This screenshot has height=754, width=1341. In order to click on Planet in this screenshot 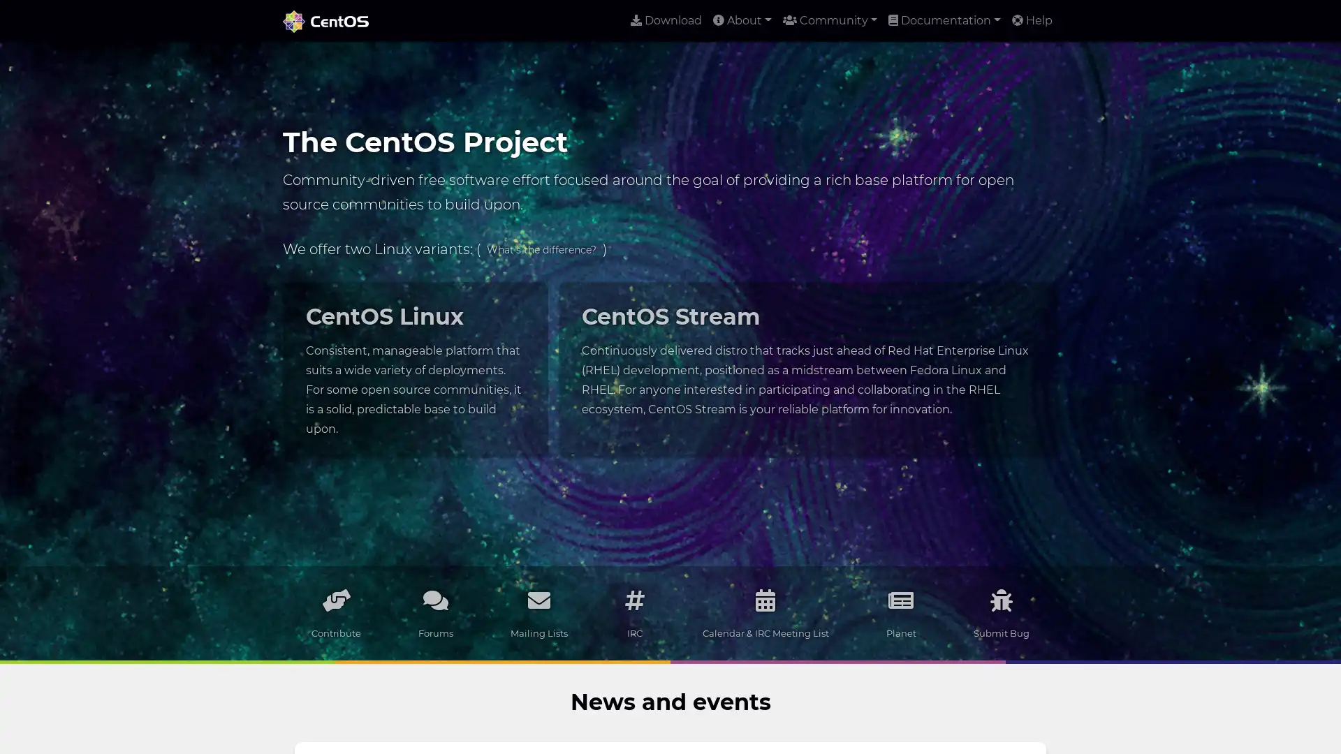, I will do `click(900, 612)`.